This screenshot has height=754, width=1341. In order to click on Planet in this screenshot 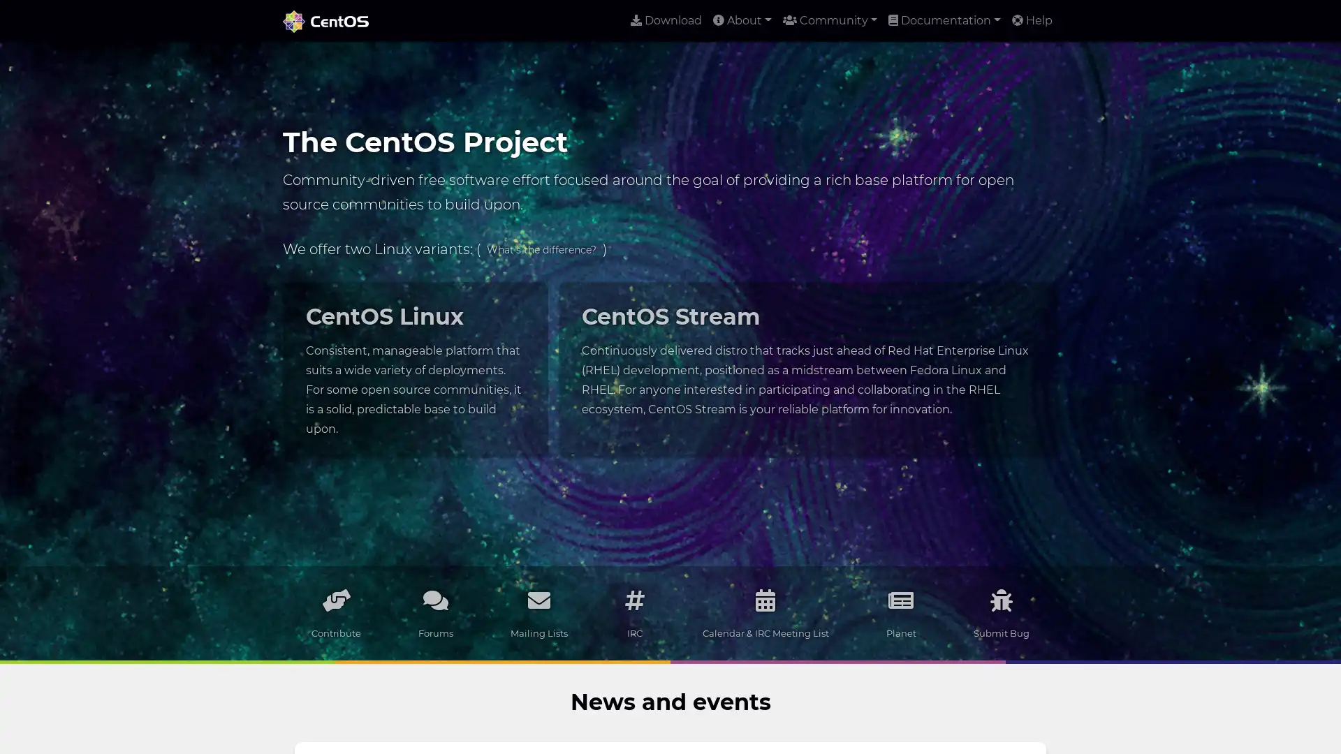, I will do `click(900, 612)`.